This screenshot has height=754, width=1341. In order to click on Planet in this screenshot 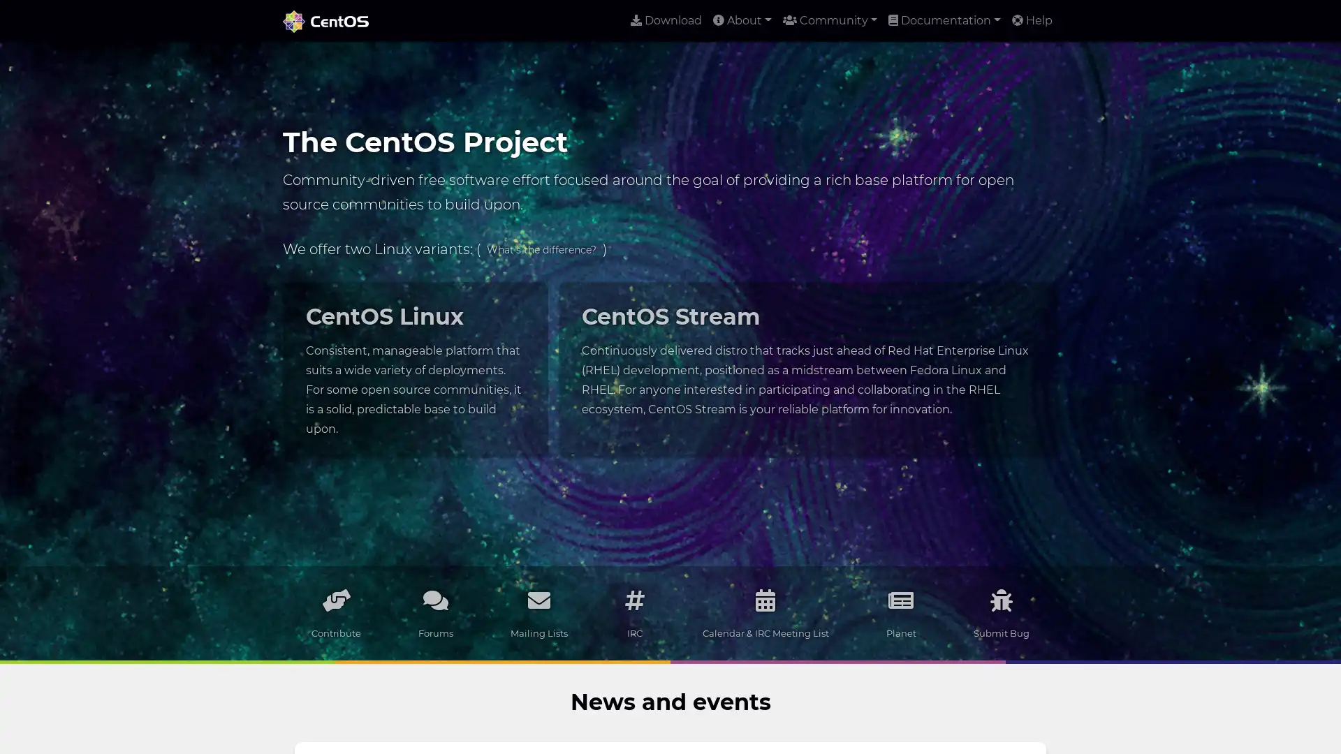, I will do `click(900, 612)`.